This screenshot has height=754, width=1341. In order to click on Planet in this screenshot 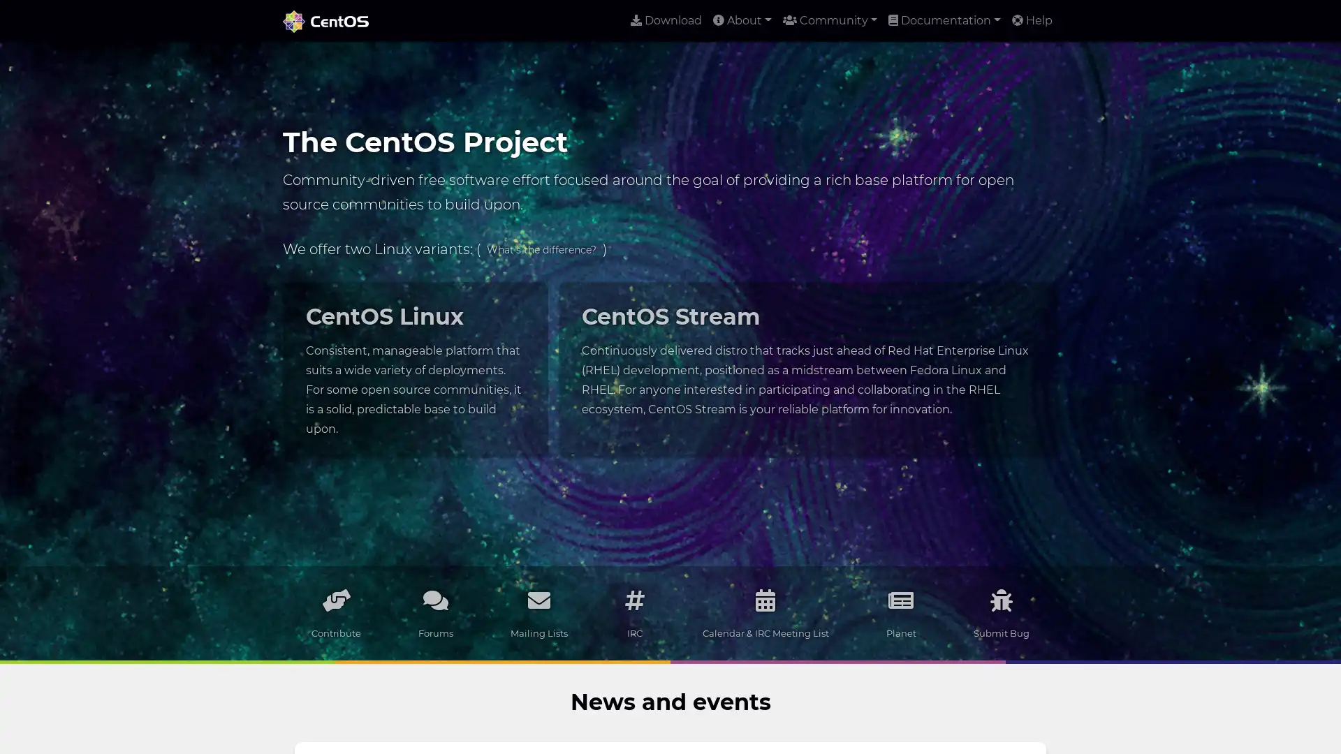, I will do `click(900, 612)`.